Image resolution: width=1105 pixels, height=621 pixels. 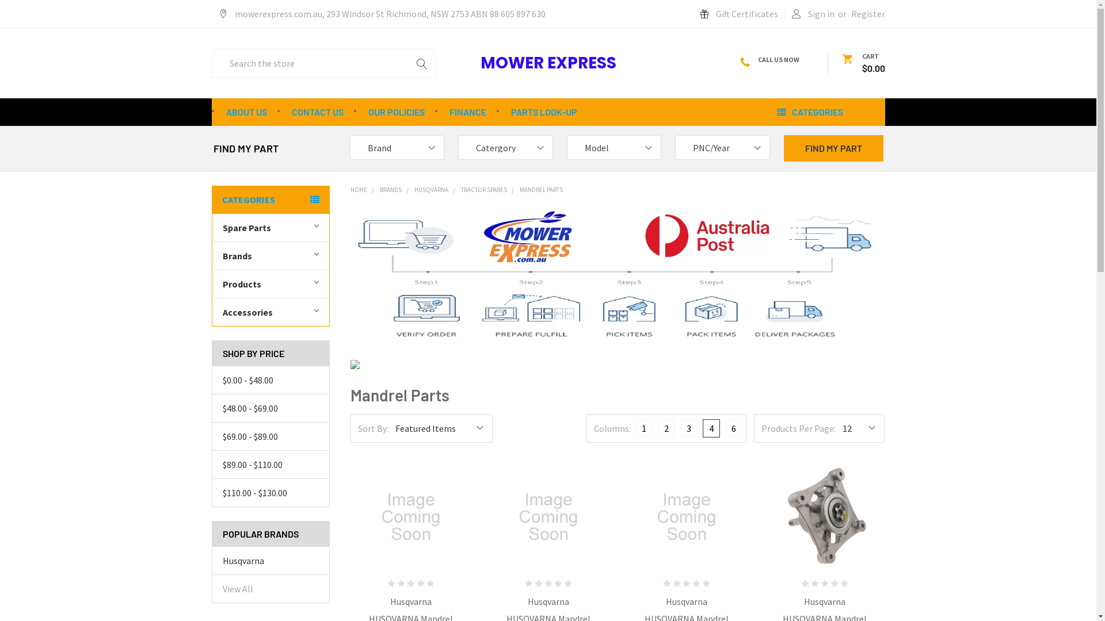 What do you see at coordinates (317, 112) in the screenshot?
I see `'CONTACT US'` at bounding box center [317, 112].